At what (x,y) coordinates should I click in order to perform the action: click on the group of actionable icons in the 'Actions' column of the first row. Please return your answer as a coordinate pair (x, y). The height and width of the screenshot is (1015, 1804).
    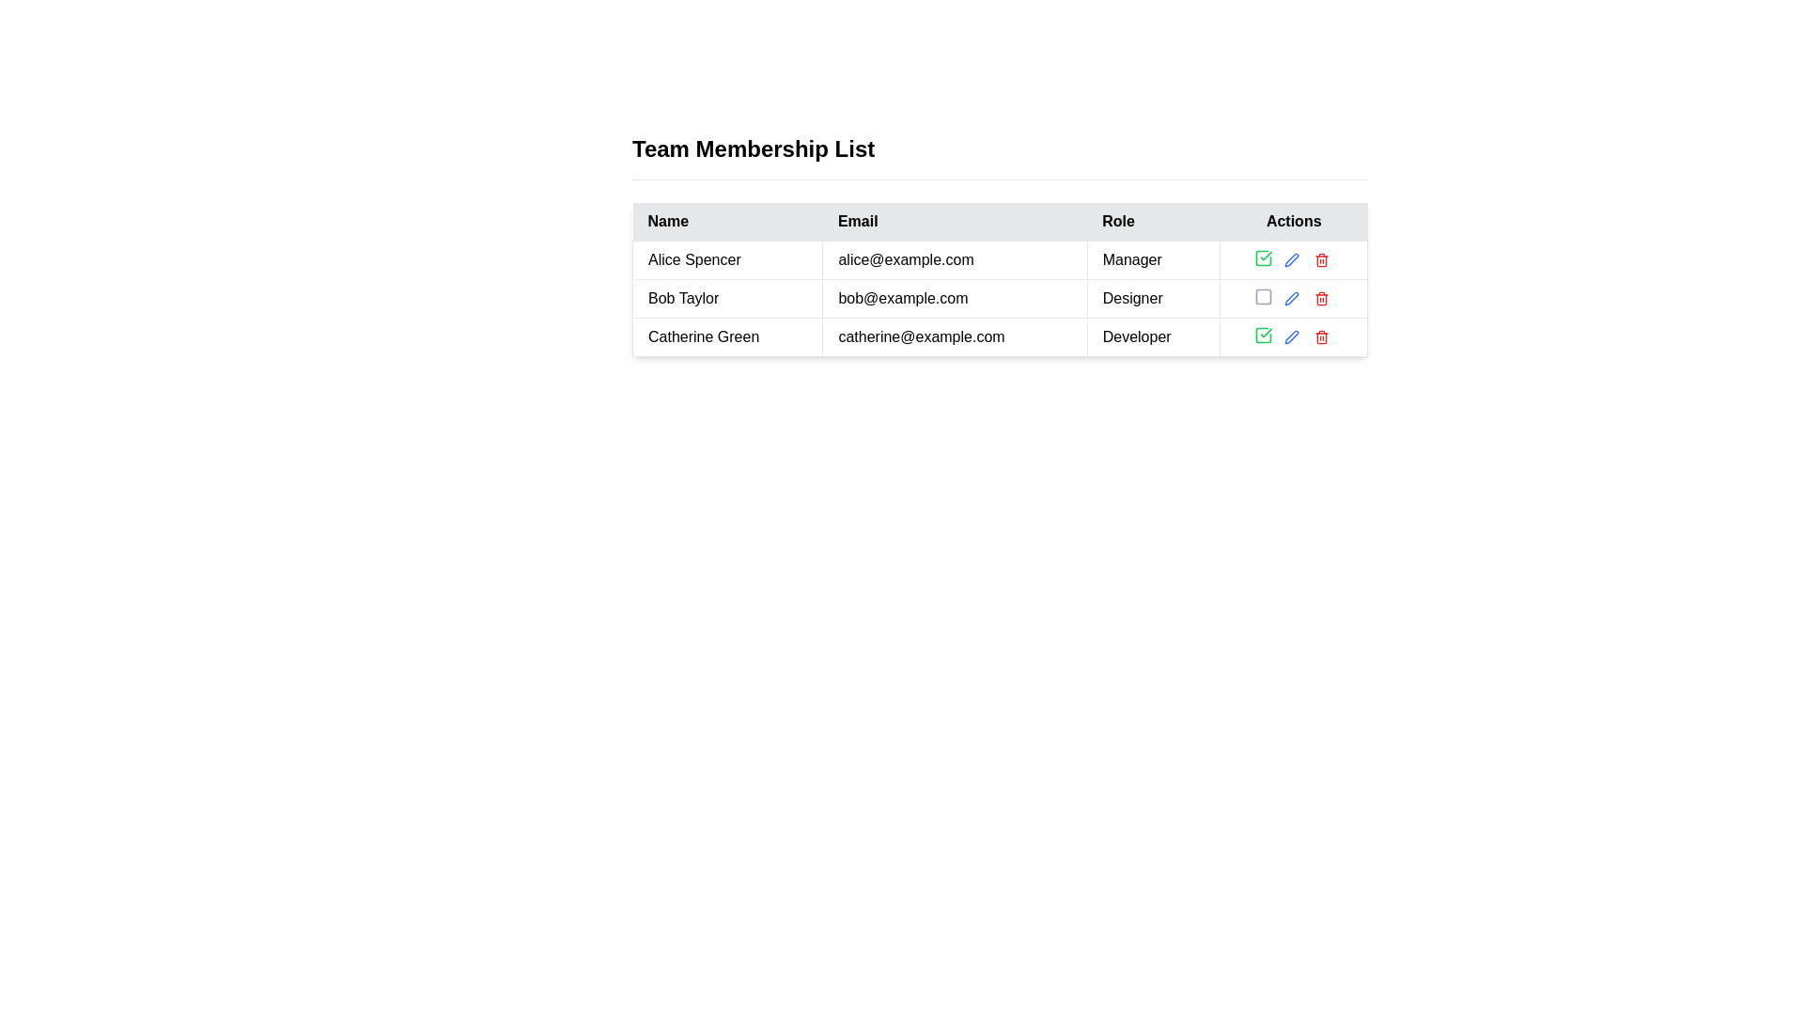
    Looking at the image, I should click on (1293, 260).